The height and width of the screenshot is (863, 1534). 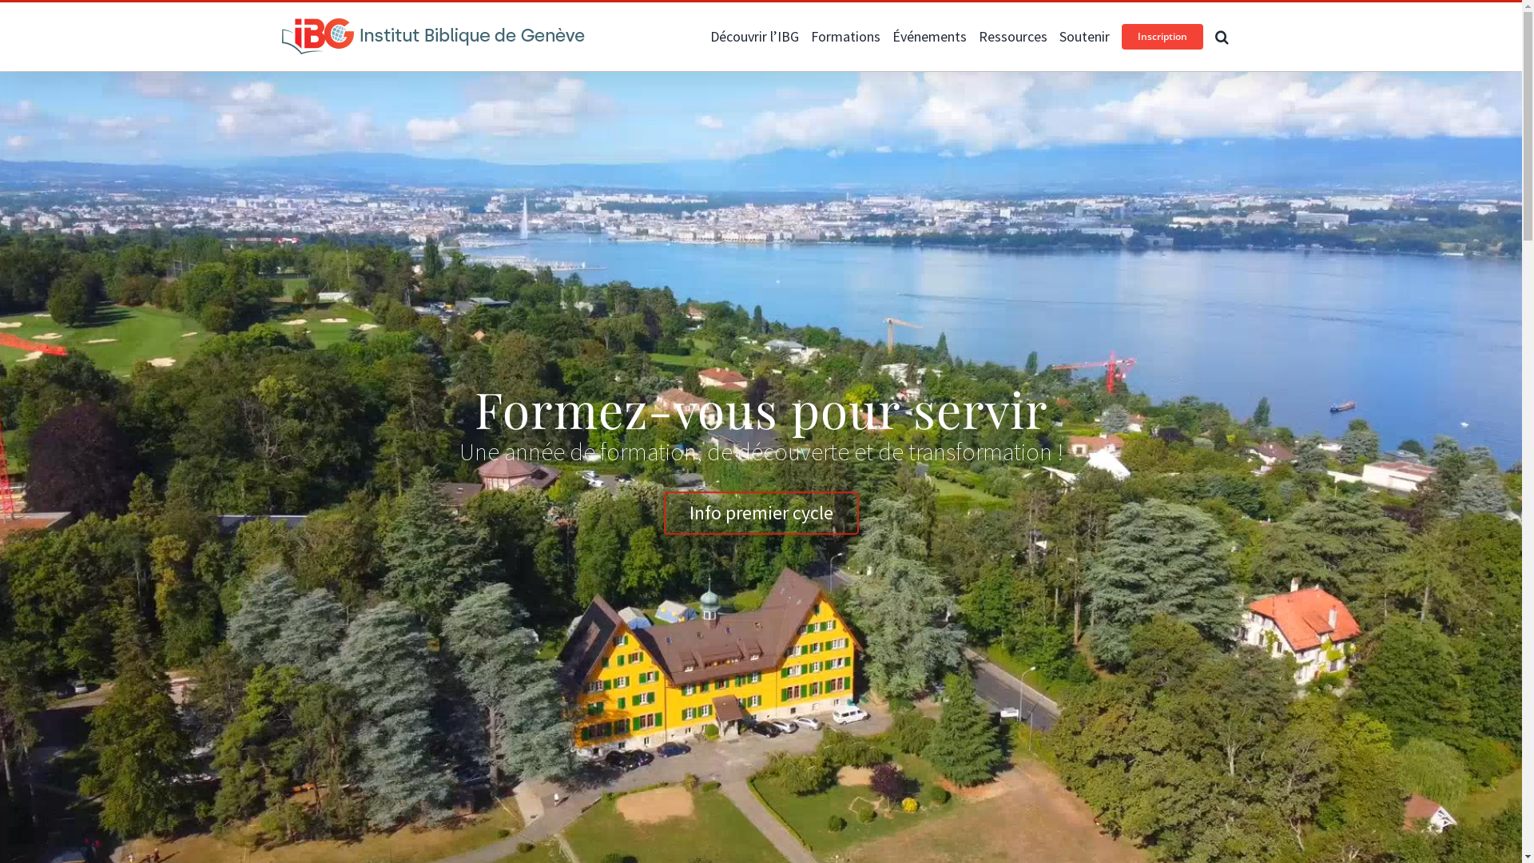 I want to click on 'Facebook', so click(x=280, y=18).